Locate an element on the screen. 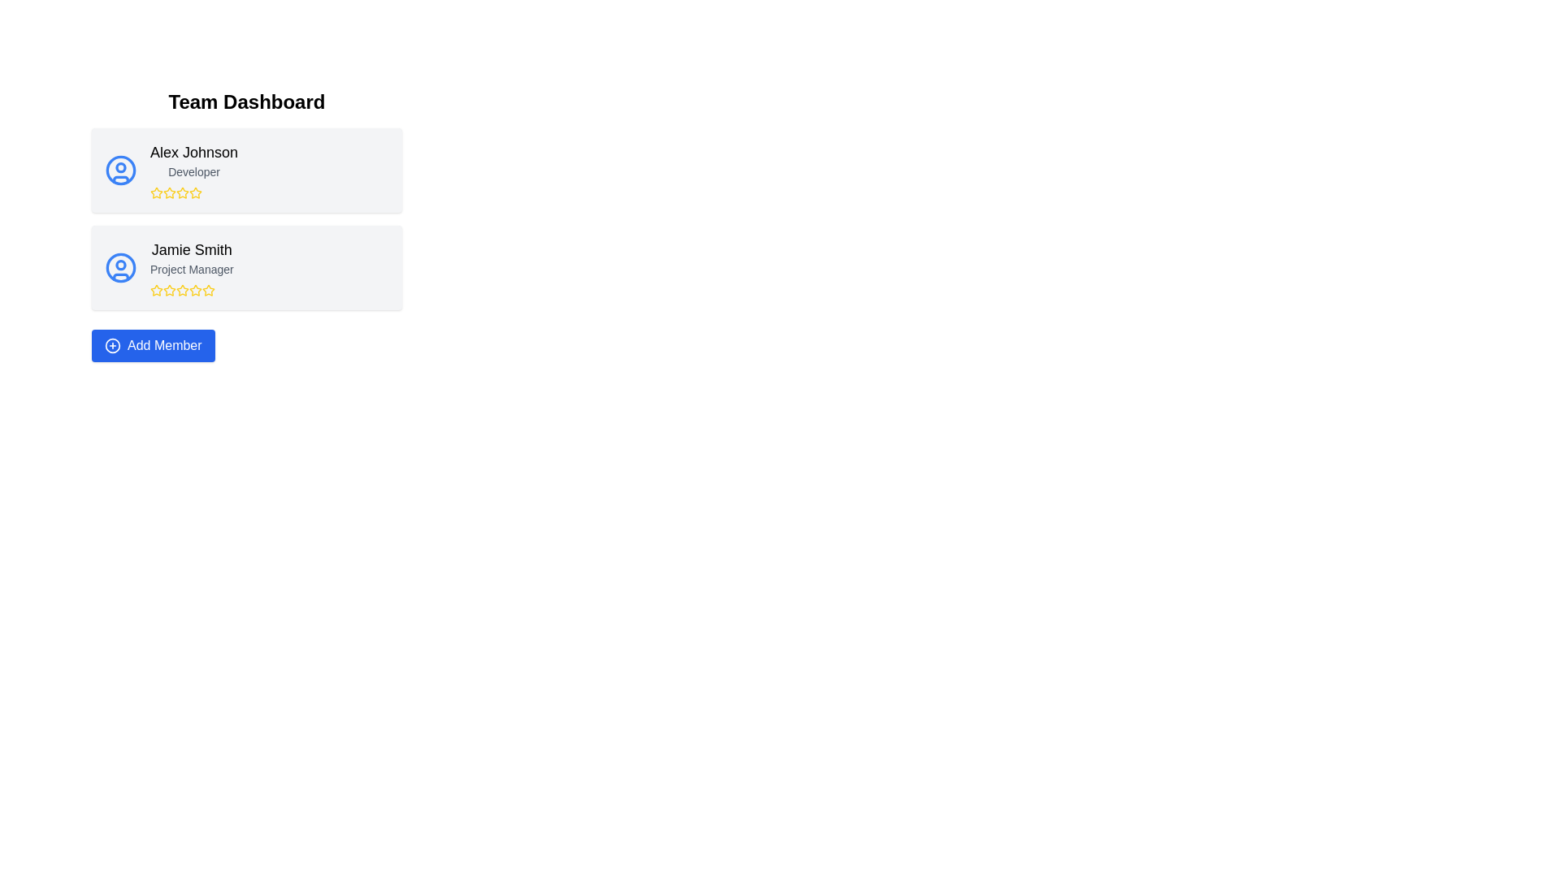 The height and width of the screenshot is (877, 1560). the avatar icon representing user 'Alex Johnson', located at the top of the user profile section on the dashboard is located at coordinates (119, 170).